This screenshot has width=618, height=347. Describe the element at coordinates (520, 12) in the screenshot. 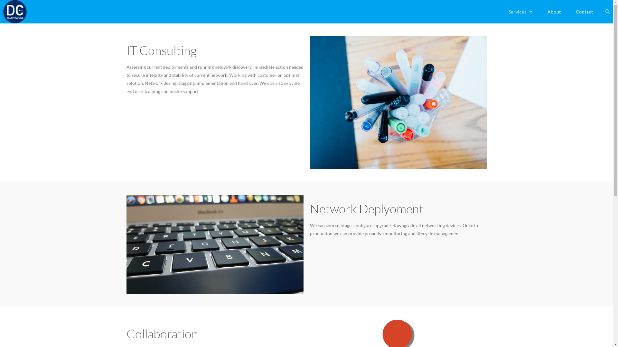

I see `'Services'` at that location.